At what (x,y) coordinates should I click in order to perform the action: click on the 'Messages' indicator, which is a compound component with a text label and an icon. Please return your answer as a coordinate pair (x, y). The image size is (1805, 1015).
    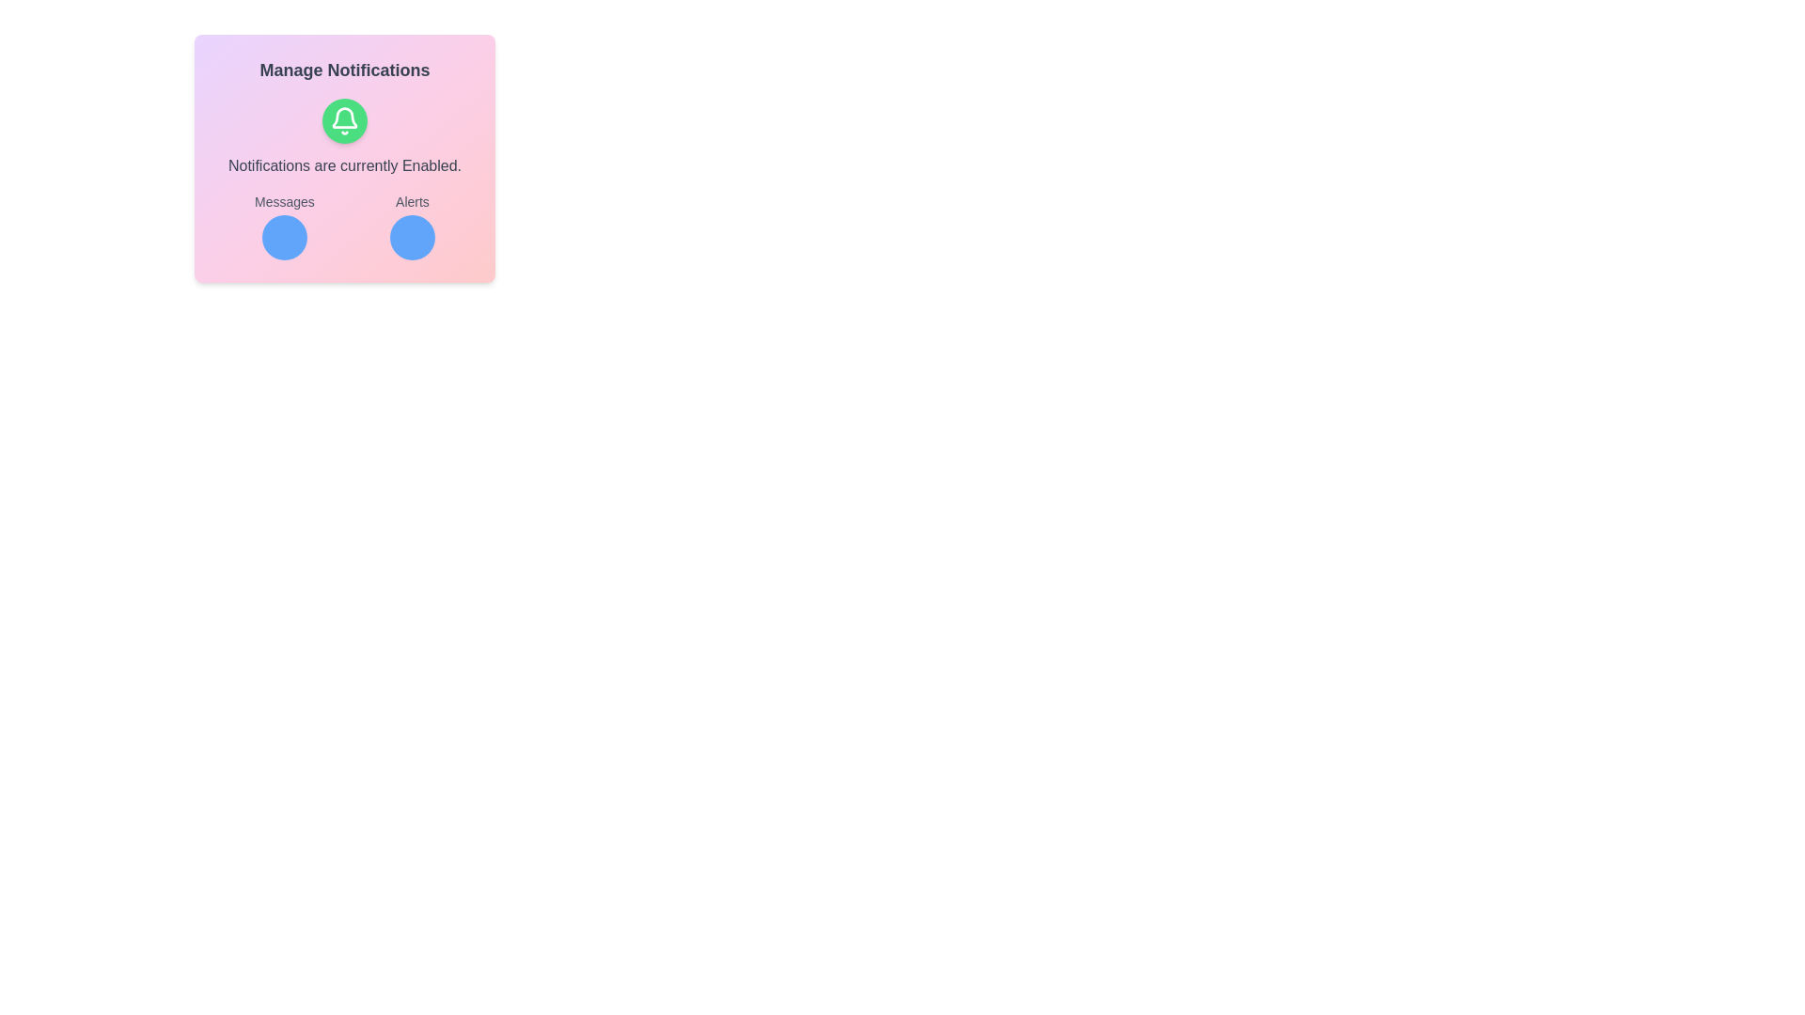
    Looking at the image, I should click on (283, 225).